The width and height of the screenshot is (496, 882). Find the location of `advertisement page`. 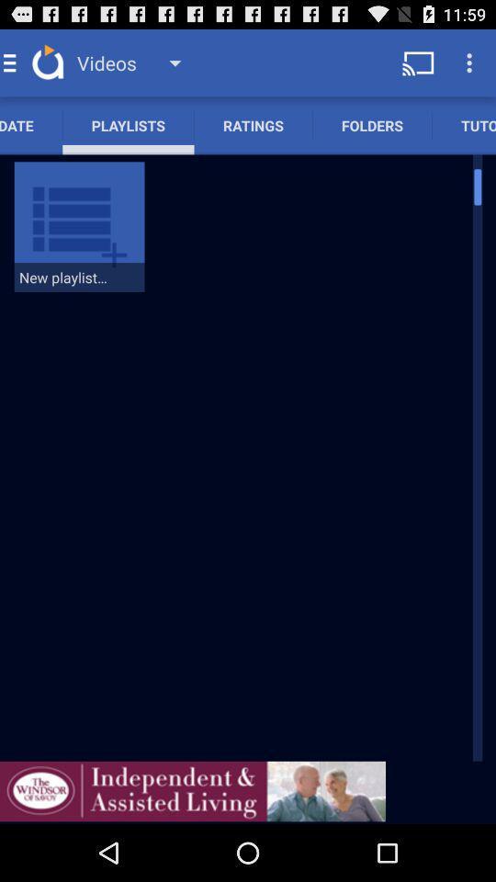

advertisement page is located at coordinates (192, 790).